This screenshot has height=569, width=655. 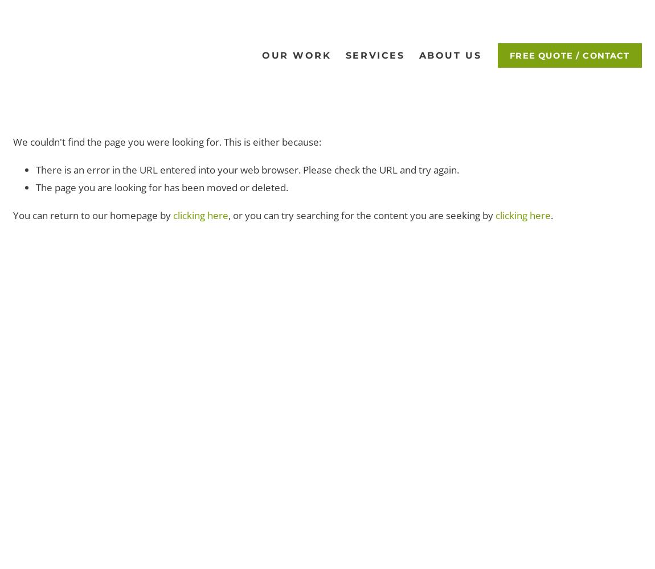 What do you see at coordinates (417, 54) in the screenshot?
I see `'About Us'` at bounding box center [417, 54].